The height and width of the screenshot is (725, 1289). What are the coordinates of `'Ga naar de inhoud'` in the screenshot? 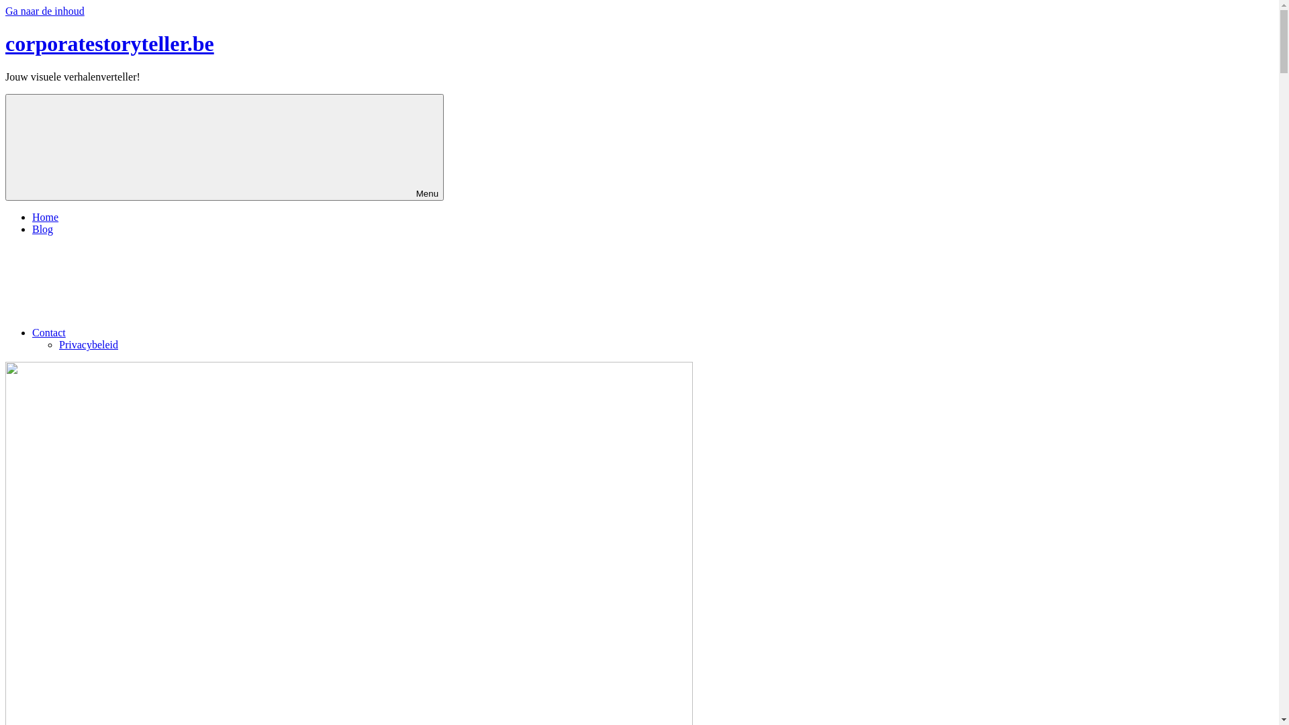 It's located at (45, 11).